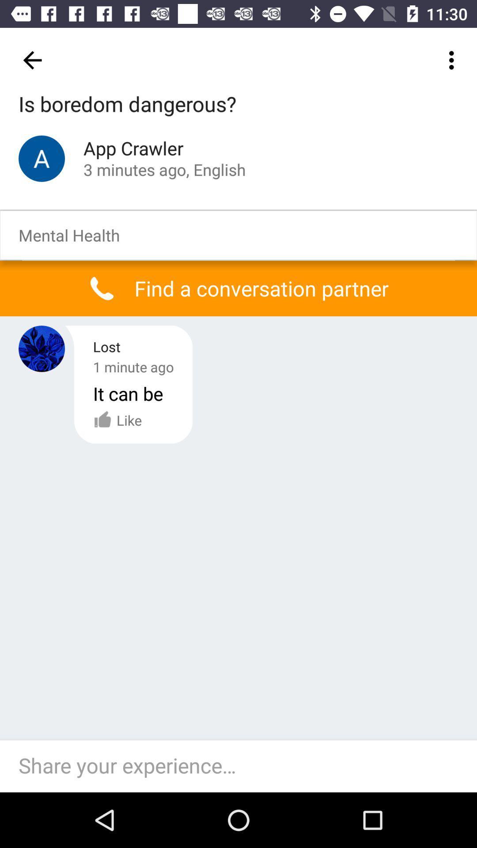 This screenshot has width=477, height=848. What do you see at coordinates (42, 159) in the screenshot?
I see `the icon which is left side of the app crawler` at bounding box center [42, 159].